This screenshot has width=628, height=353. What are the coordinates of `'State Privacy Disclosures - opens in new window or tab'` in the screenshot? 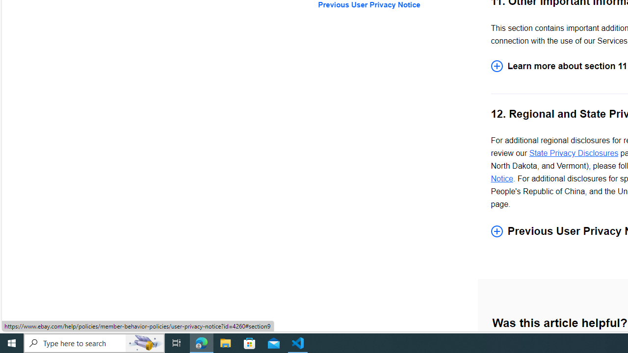 It's located at (574, 153).